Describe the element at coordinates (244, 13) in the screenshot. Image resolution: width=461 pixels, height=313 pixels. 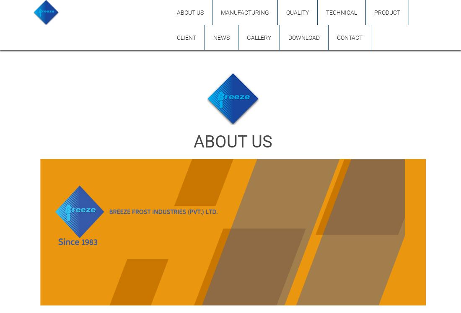
I see `'Manufacturing'` at that location.